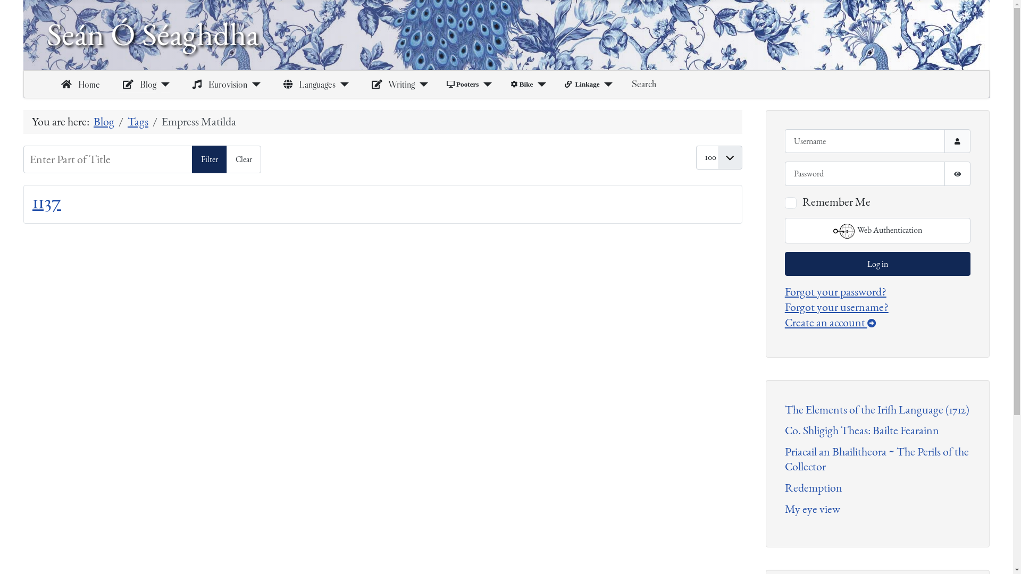  I want to click on 'Forgot your password?', so click(835, 291).